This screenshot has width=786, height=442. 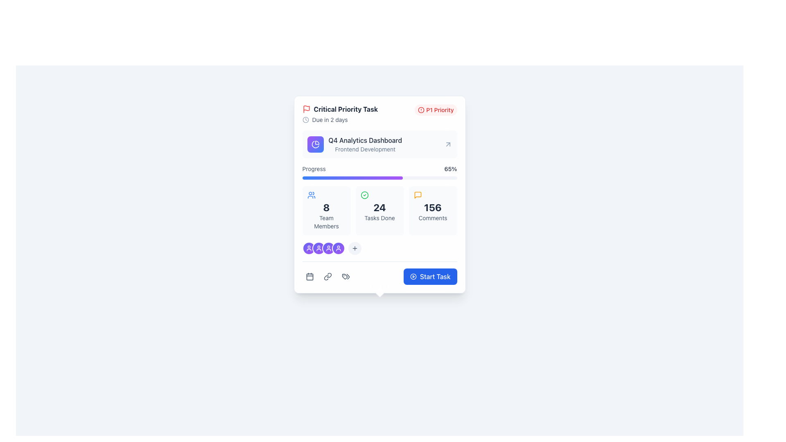 I want to click on the Progress bar located beneath the 'Progress' label and above team members and tasks completed, which visually represents the task completion percentage with a colorful gradient, so click(x=379, y=178).